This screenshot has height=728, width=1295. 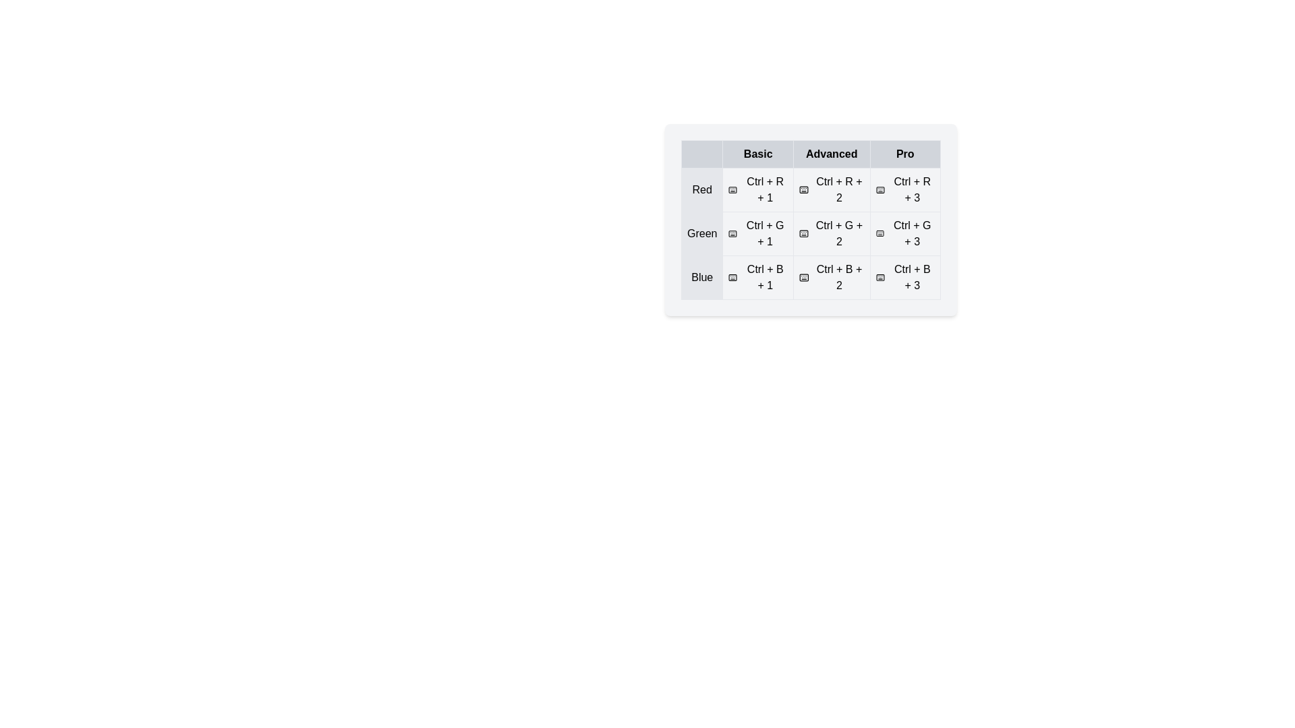 What do you see at coordinates (758, 233) in the screenshot?
I see `the informative text with an icon that describes a keyboard shortcut located in the second row labeled 'Green' and first column labeled 'Basic'` at bounding box center [758, 233].